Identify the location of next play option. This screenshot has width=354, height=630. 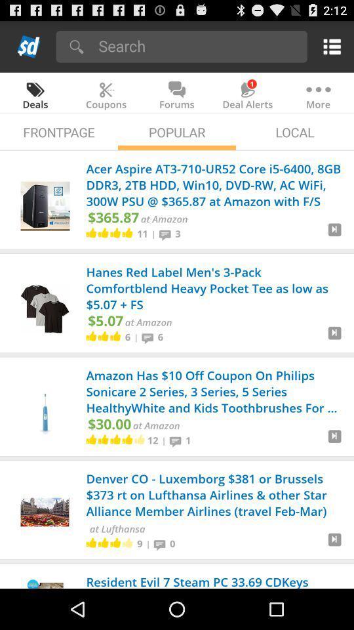
(334, 234).